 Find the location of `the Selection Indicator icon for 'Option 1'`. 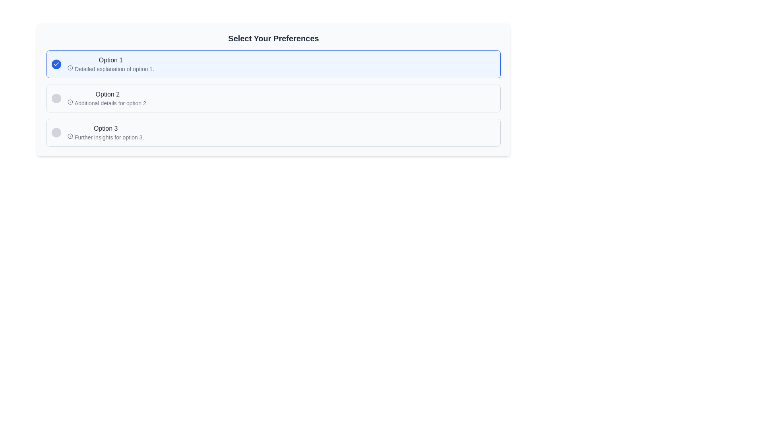

the Selection Indicator icon for 'Option 1' is located at coordinates (56, 64).